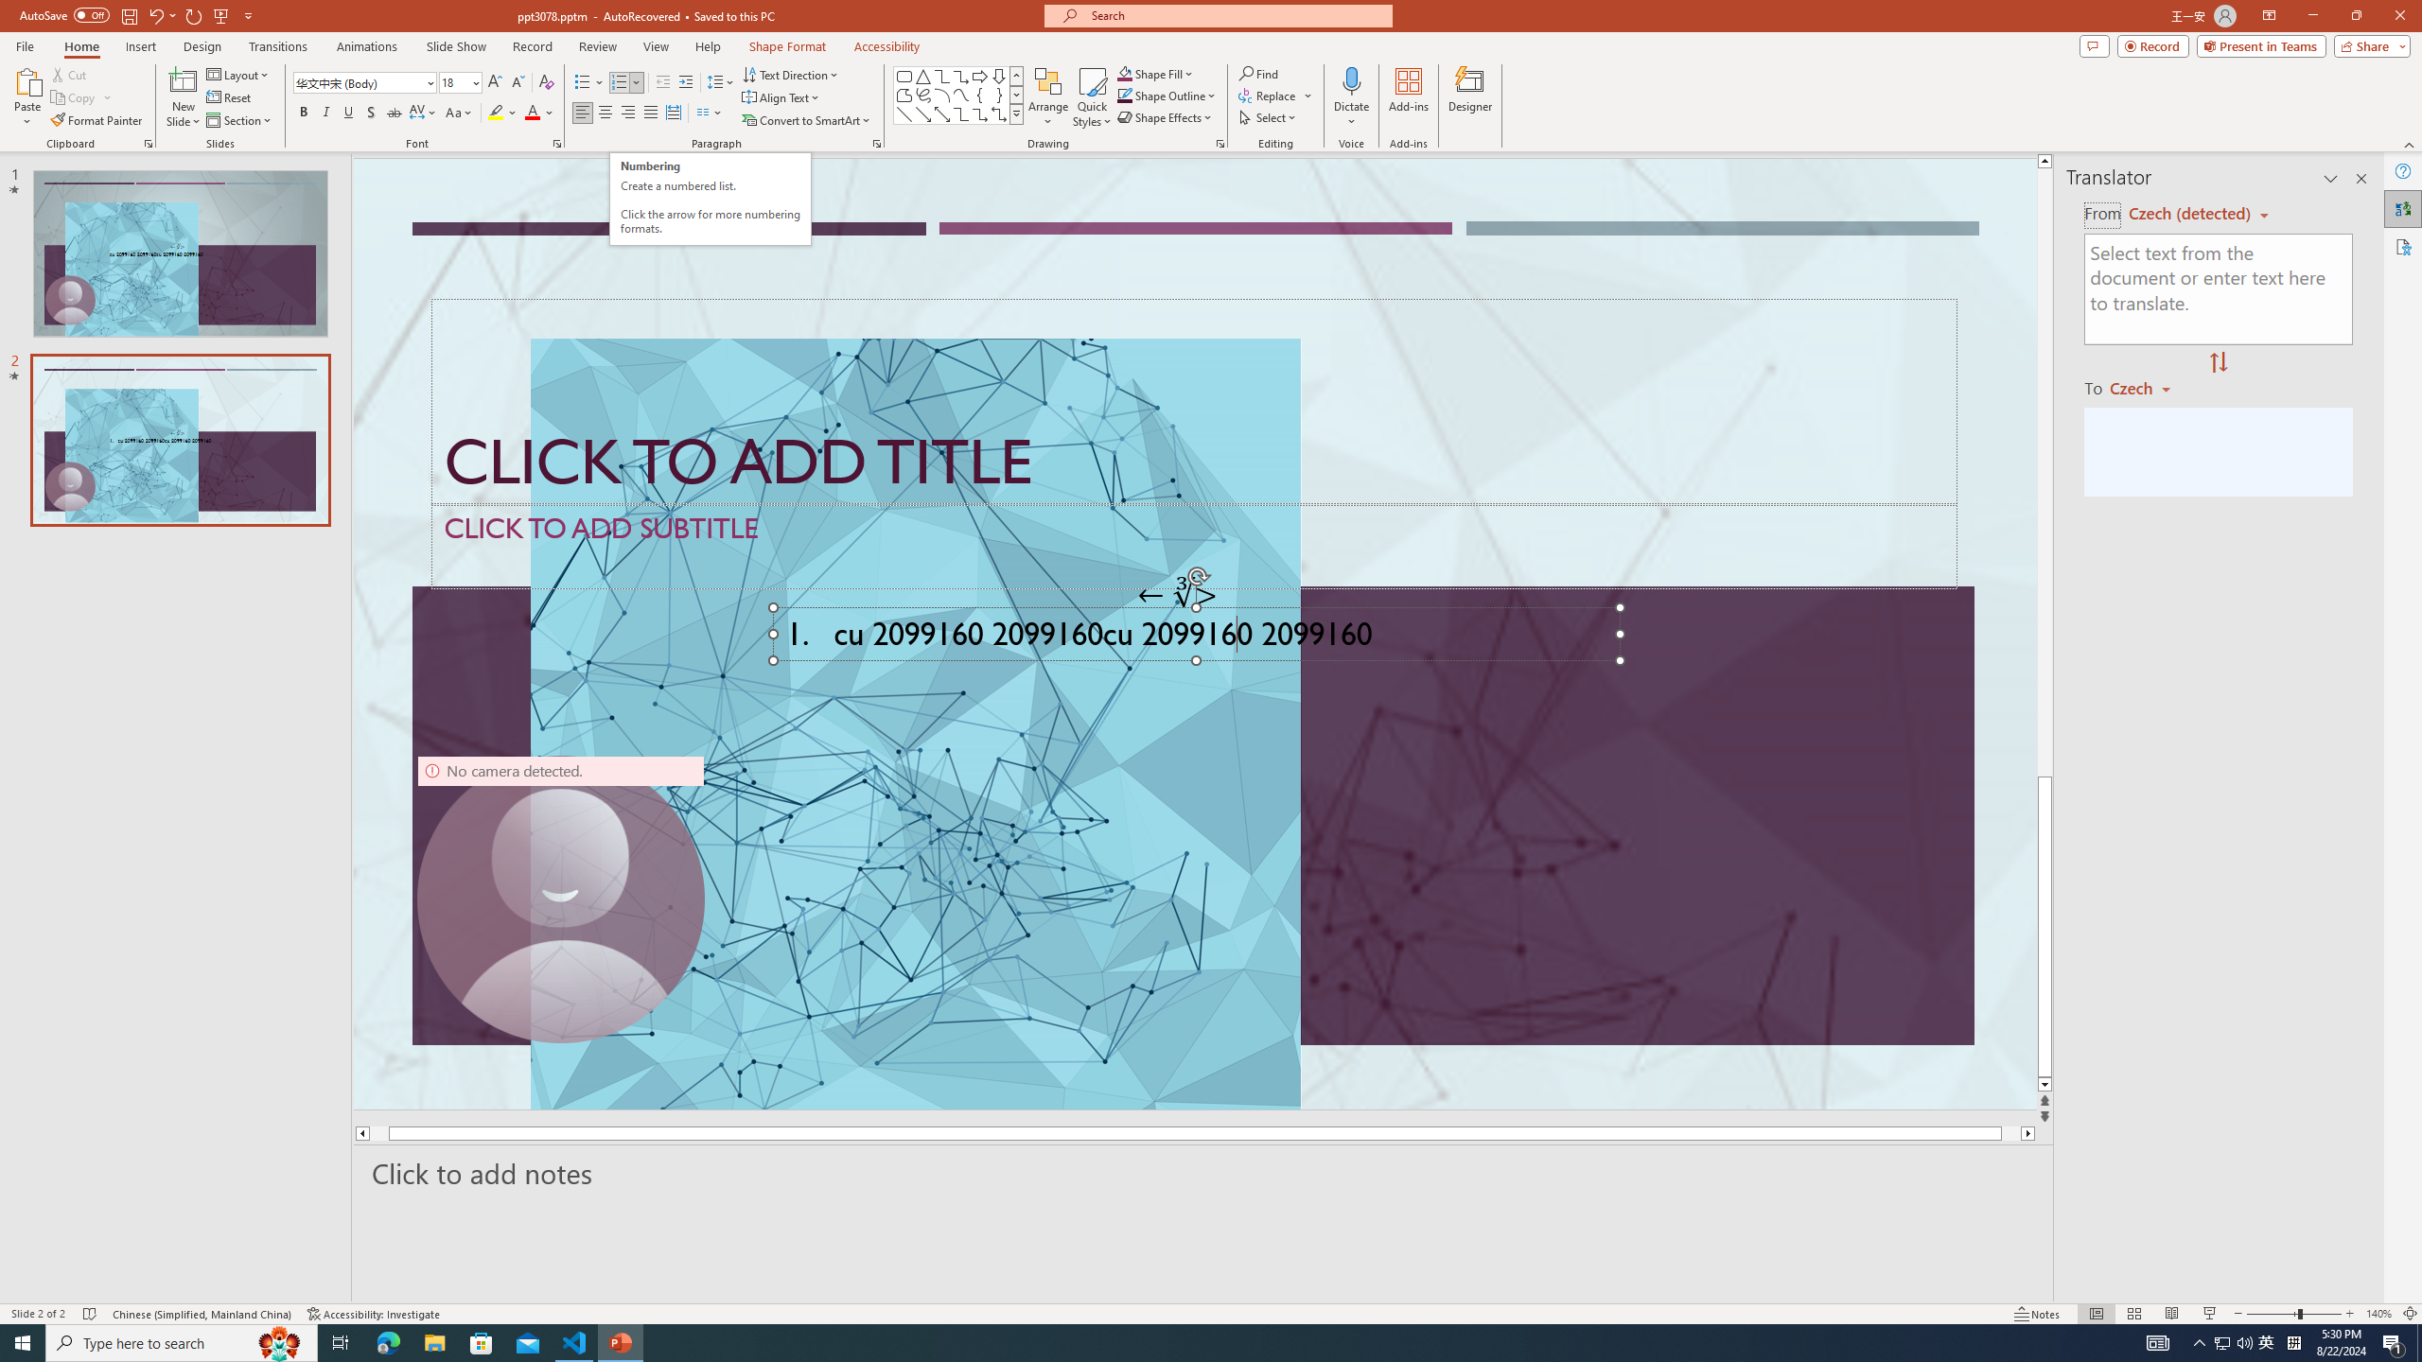 The height and width of the screenshot is (1362, 2422). What do you see at coordinates (979, 76) in the screenshot?
I see `'Arrow: Right'` at bounding box center [979, 76].